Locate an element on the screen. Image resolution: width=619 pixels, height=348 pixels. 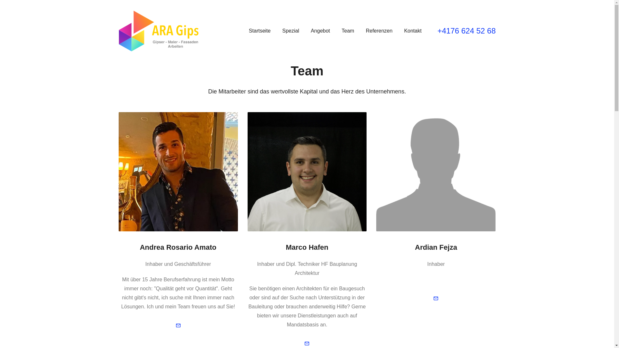
'Startseite' is located at coordinates (260, 31).